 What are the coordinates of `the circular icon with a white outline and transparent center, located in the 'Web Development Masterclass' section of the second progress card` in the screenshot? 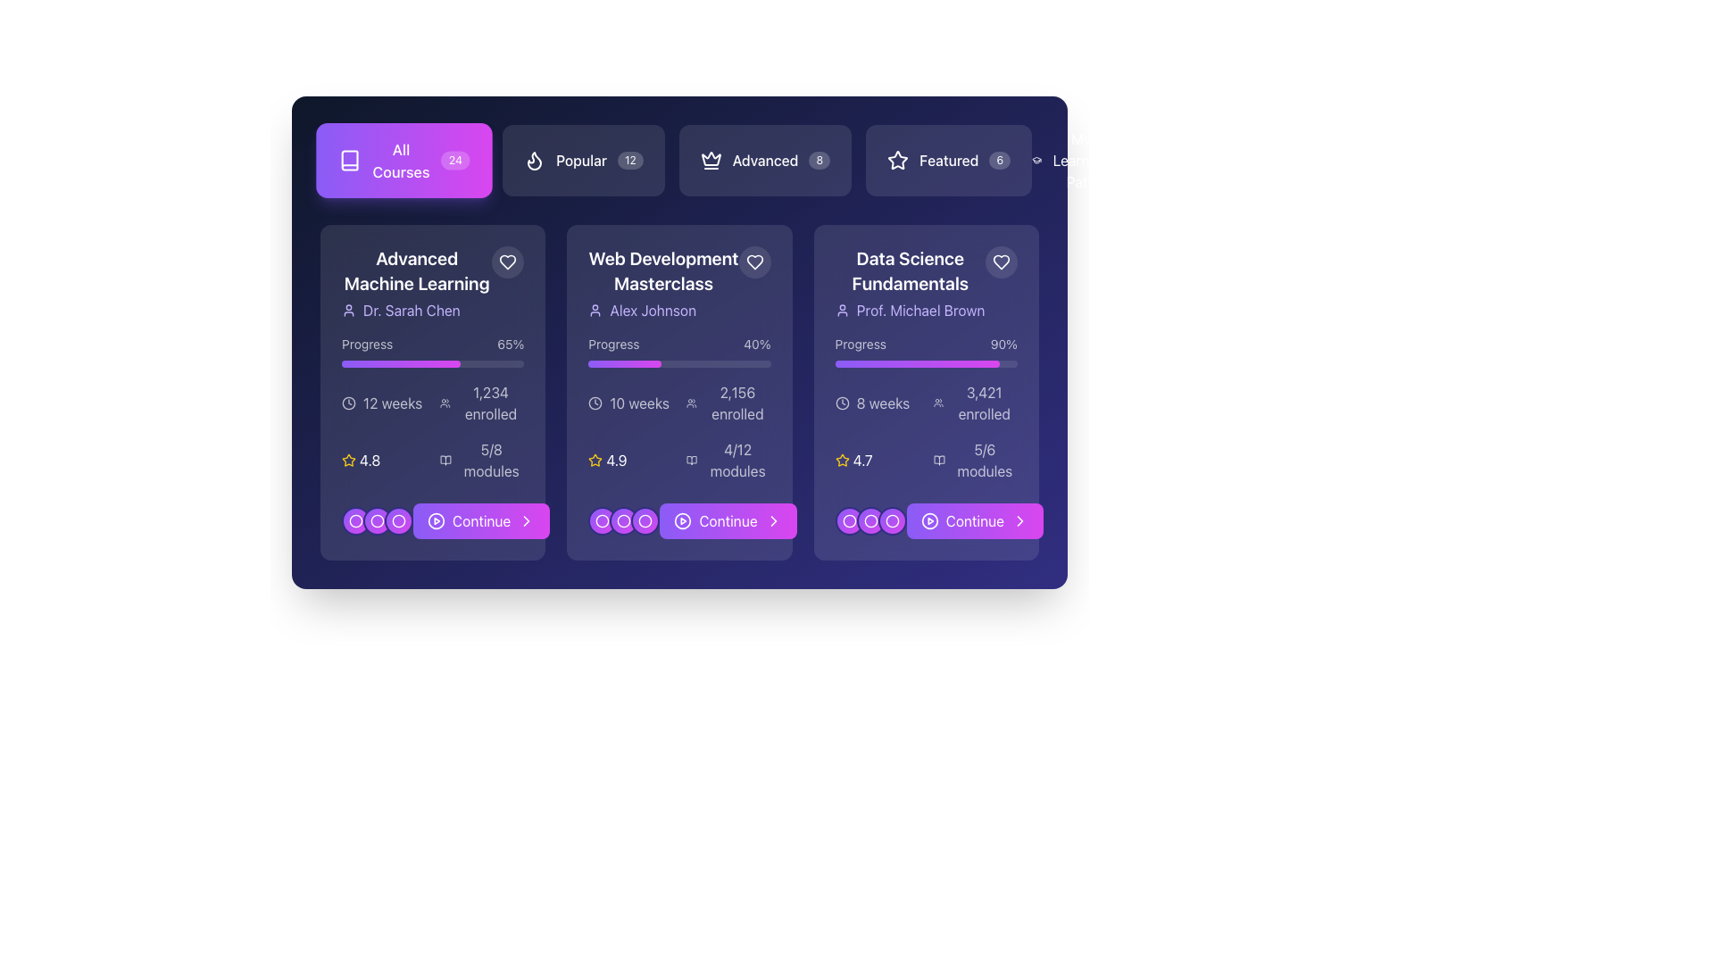 It's located at (645, 520).